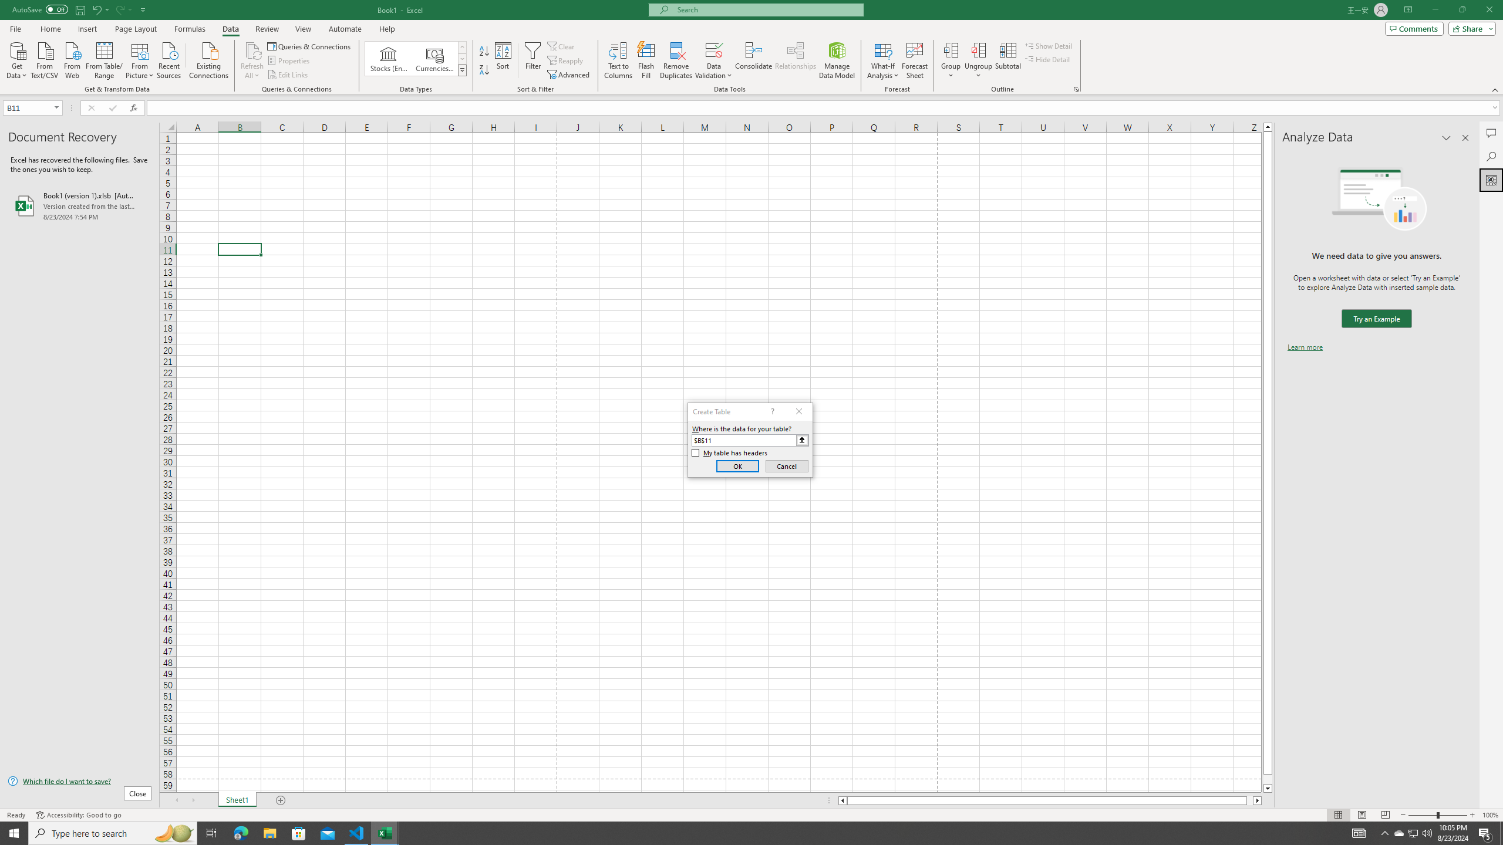  Describe the element at coordinates (79, 782) in the screenshot. I see `'Which file do I want to save?'` at that location.